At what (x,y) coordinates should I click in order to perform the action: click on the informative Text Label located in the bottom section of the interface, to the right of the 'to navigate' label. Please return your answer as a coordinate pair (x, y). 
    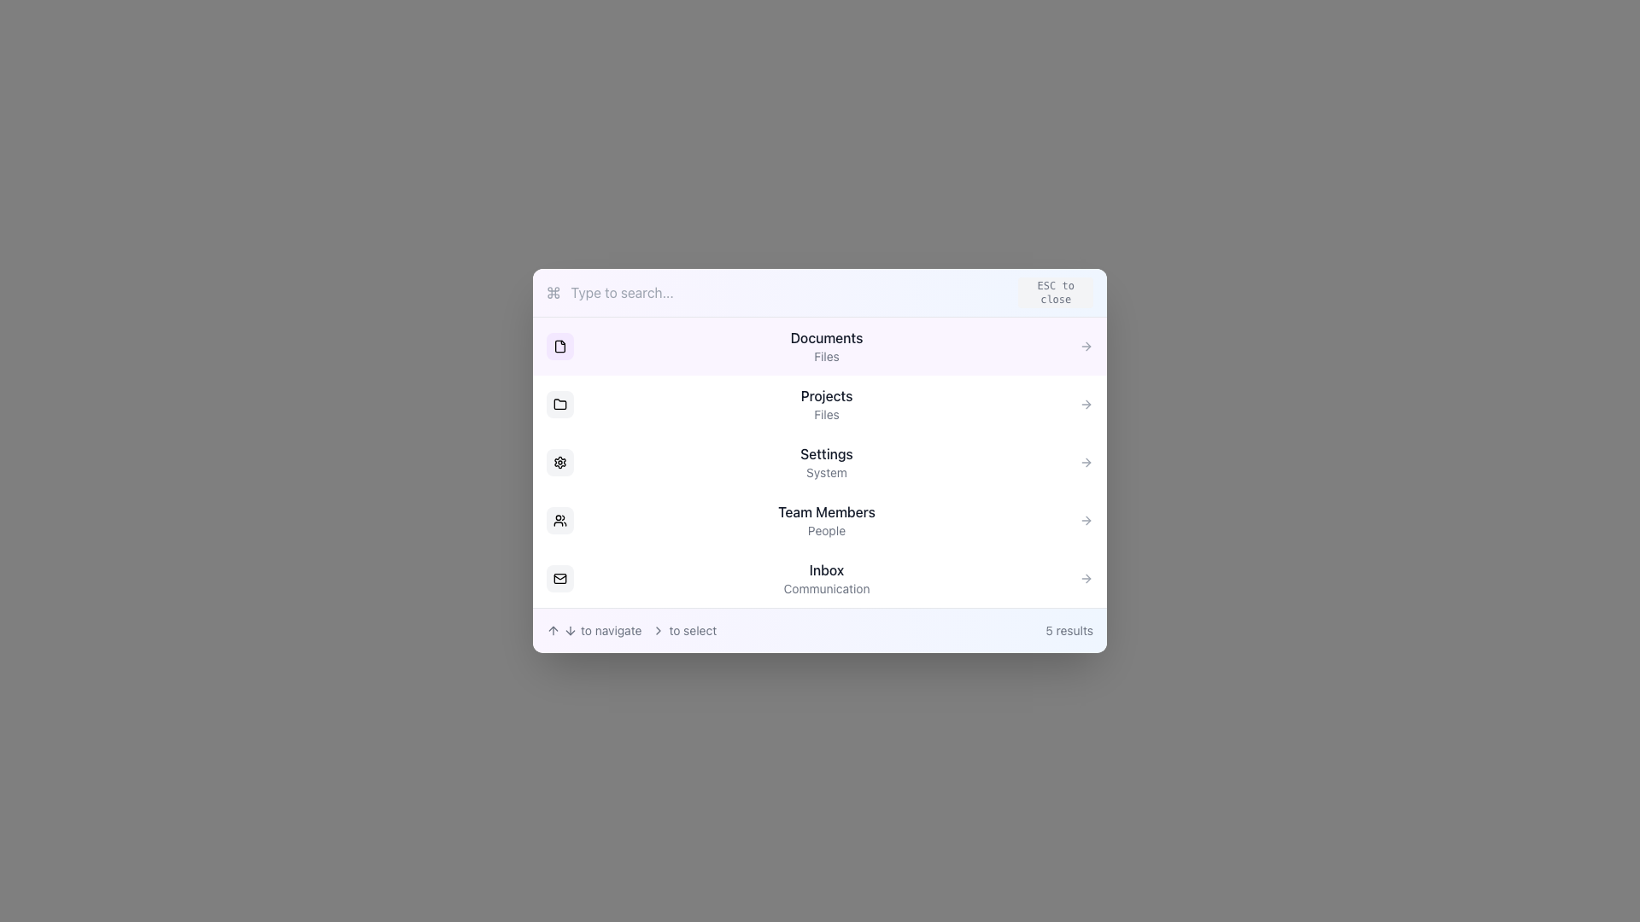
    Looking at the image, I should click on (684, 631).